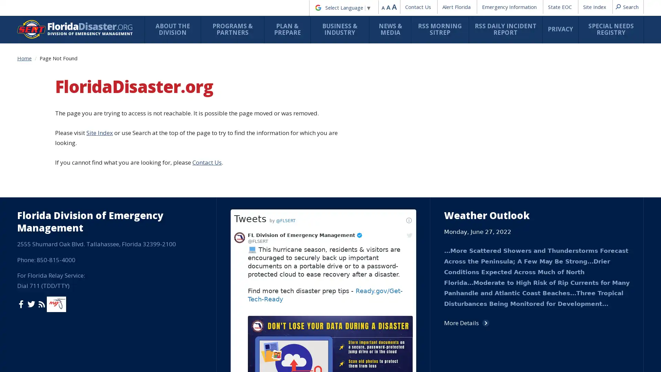  What do you see at coordinates (395, 158) in the screenshot?
I see `Toggle More` at bounding box center [395, 158].